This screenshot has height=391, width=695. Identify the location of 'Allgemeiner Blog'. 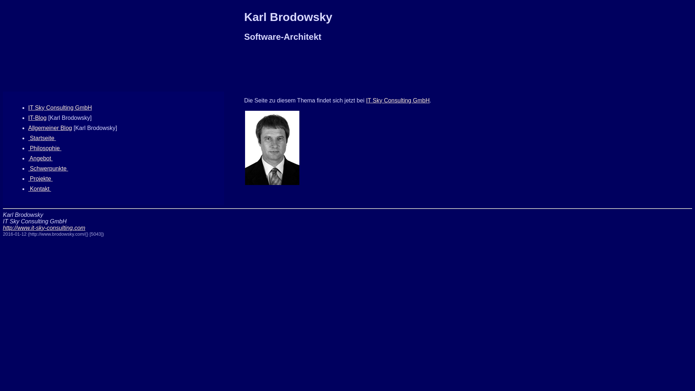
(50, 127).